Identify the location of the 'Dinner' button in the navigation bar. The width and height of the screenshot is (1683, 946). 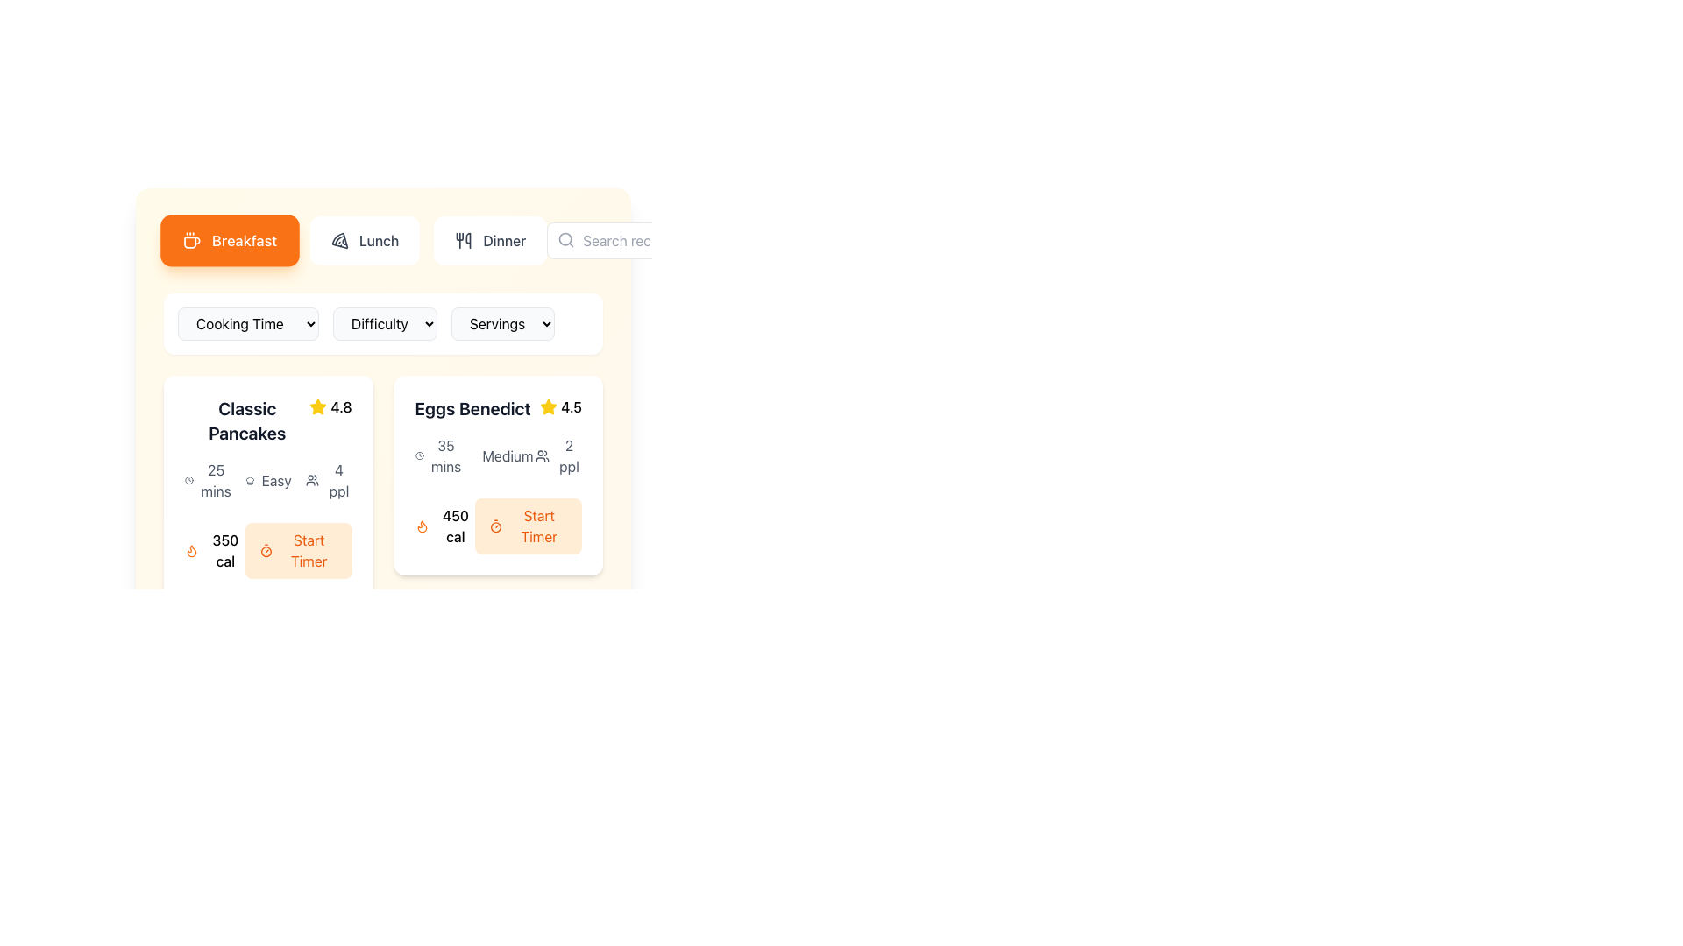
(490, 240).